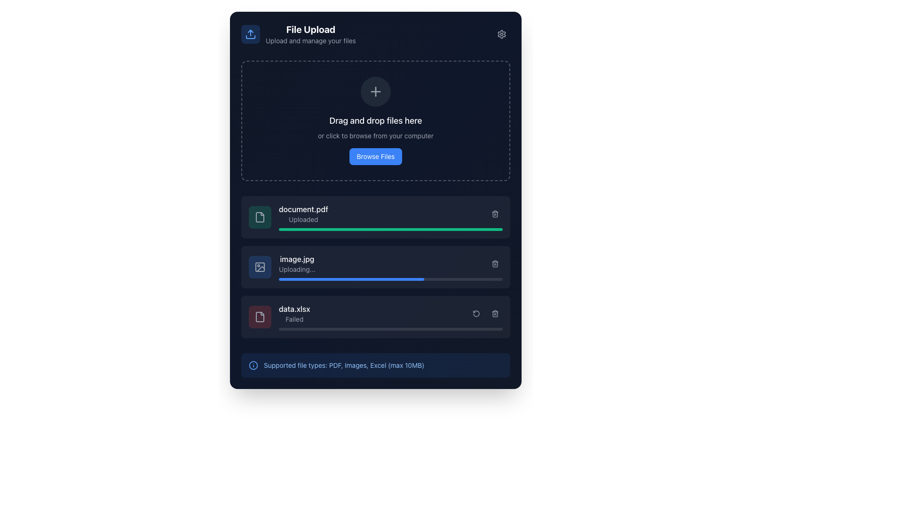  What do you see at coordinates (260, 317) in the screenshot?
I see `the file icon represented by a rounded square with a light reddish background, located at the far left of the entry for 'data.xlsx'` at bounding box center [260, 317].